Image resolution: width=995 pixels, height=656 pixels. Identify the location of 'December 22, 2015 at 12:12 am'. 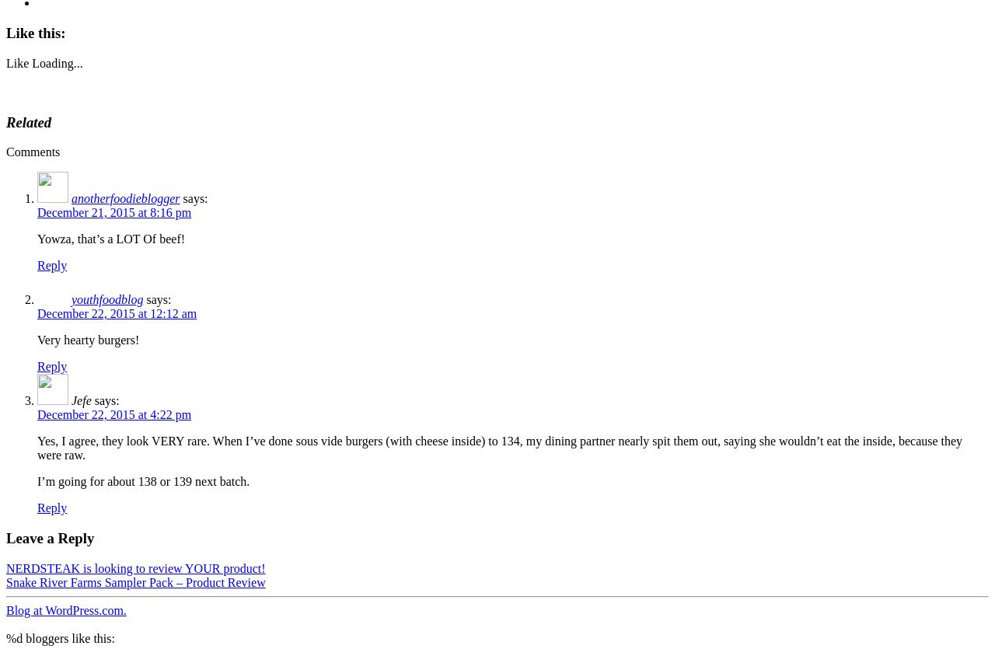
(116, 313).